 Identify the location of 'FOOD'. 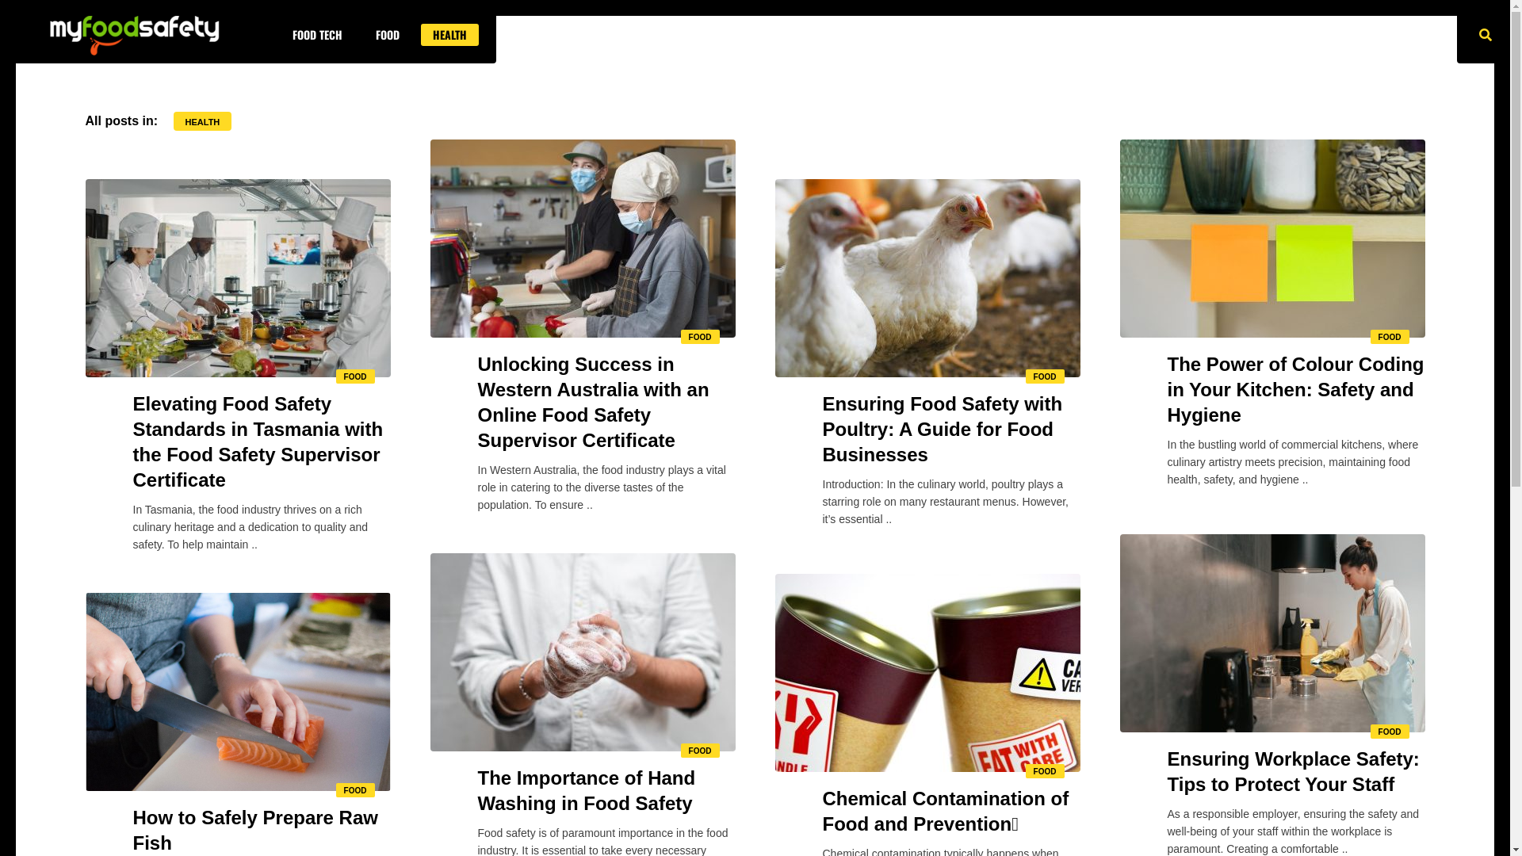
(699, 750).